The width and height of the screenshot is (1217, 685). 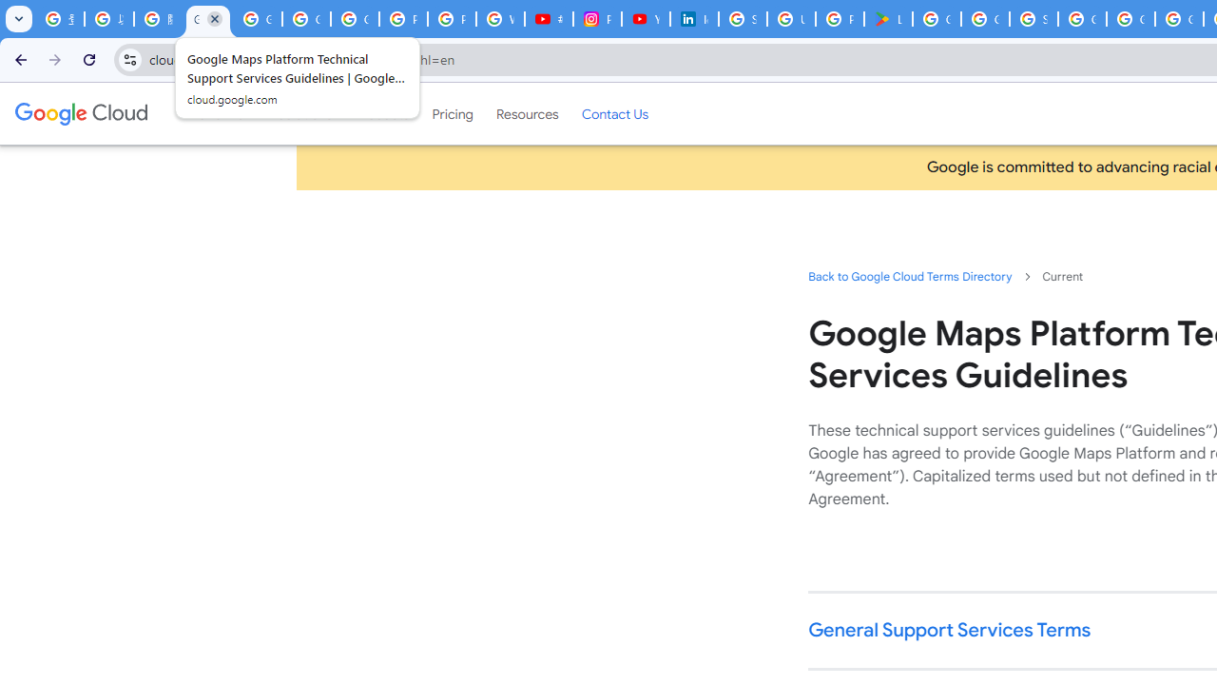 I want to click on 'YouTube Culture & Trends - On The Rise: Handcam Videos', so click(x=646, y=19).